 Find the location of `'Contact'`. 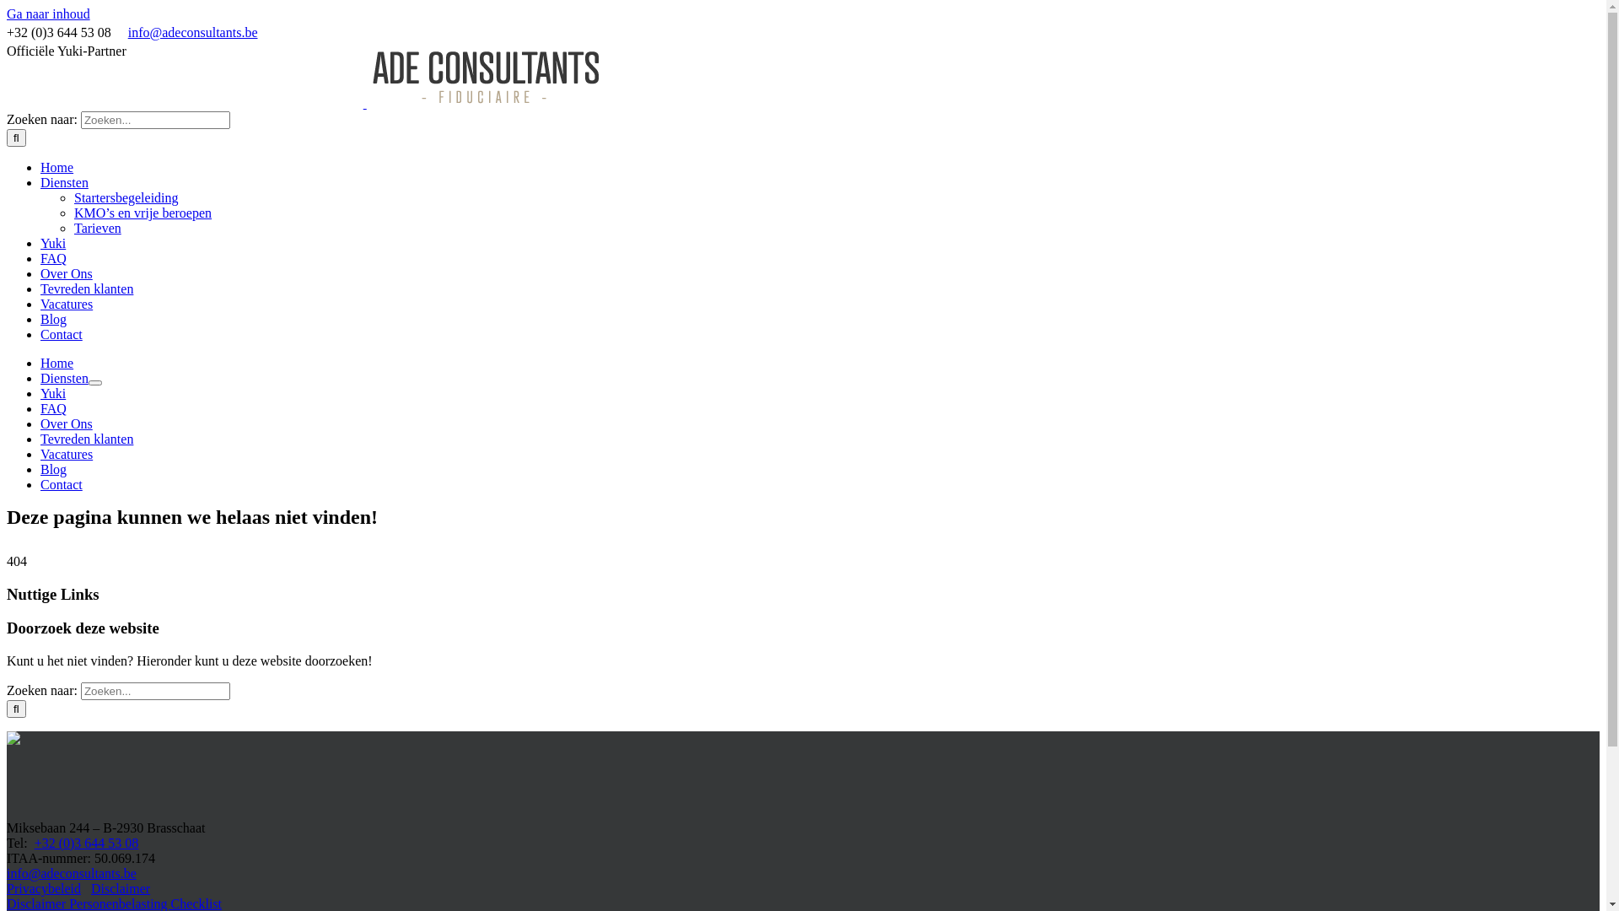

'Contact' is located at coordinates (61, 484).